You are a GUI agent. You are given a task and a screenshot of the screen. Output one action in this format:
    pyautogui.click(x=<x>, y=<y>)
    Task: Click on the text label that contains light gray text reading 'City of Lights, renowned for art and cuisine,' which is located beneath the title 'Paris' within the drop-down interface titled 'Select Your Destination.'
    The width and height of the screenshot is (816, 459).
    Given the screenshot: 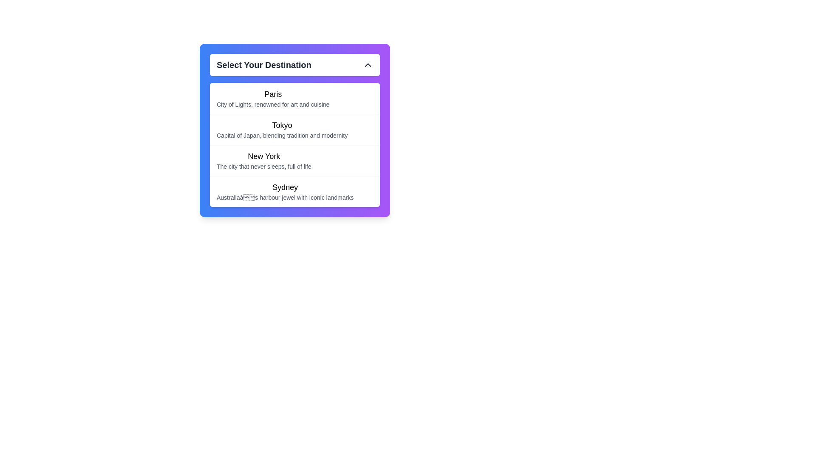 What is the action you would take?
    pyautogui.click(x=273, y=104)
    